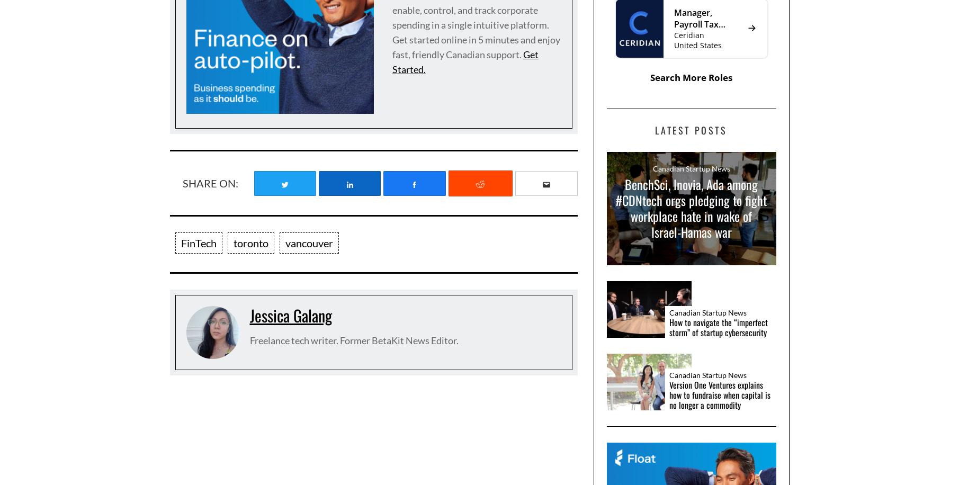 The width and height of the screenshot is (959, 485). Describe the element at coordinates (198, 243) in the screenshot. I see `'FinTech'` at that location.